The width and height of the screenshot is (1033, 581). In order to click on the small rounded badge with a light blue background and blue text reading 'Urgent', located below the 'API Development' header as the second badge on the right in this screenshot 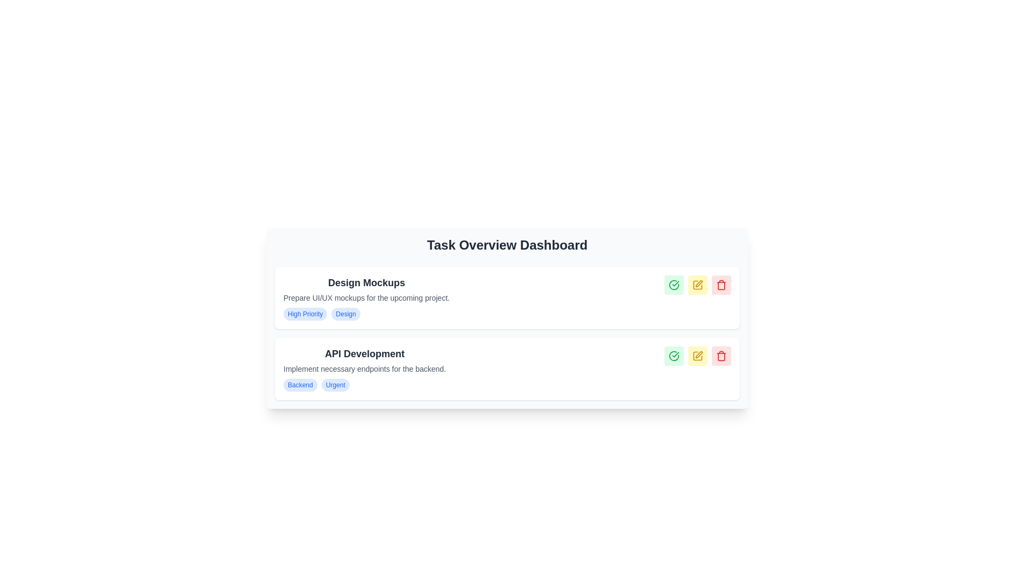, I will do `click(335, 385)`.